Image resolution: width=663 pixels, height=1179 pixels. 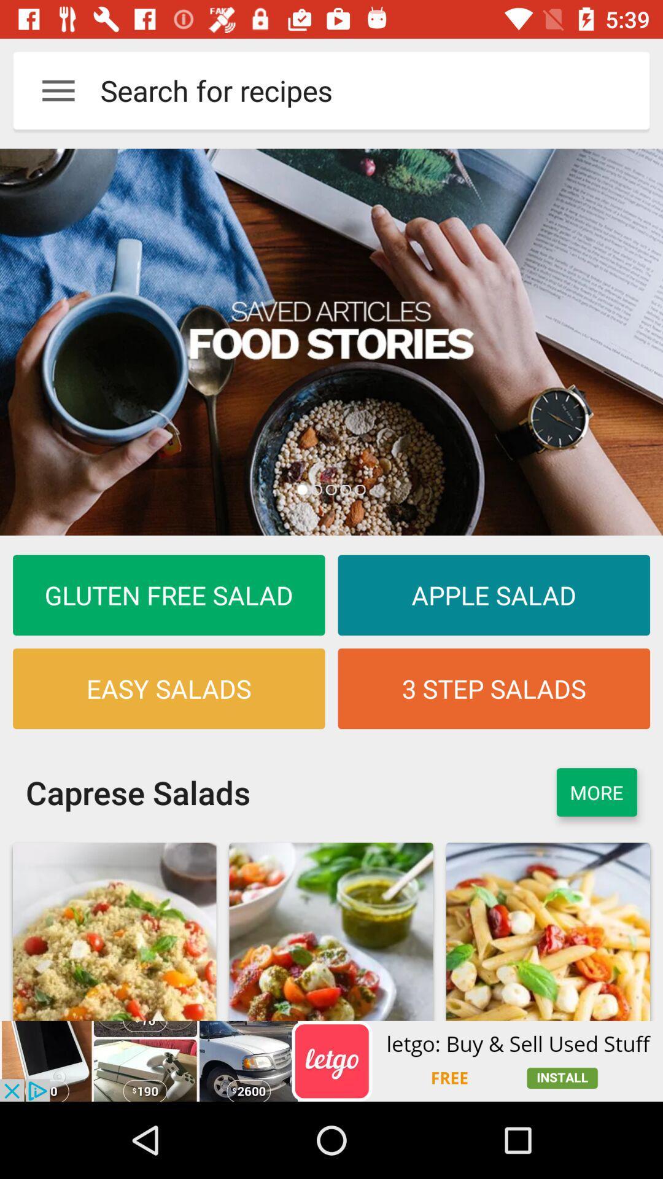 I want to click on advertisement, so click(x=331, y=1060).